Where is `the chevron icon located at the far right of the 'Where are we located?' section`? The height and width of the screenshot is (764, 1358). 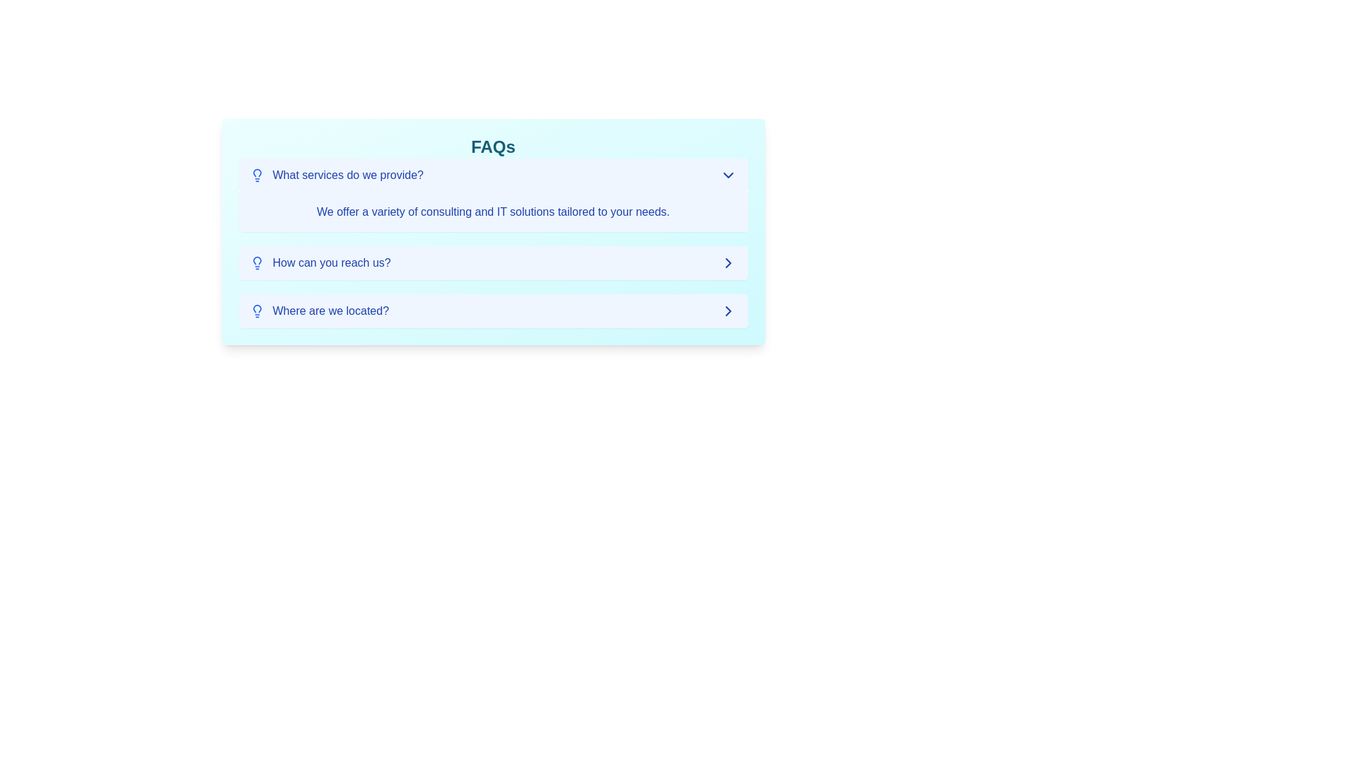
the chevron icon located at the far right of the 'Where are we located?' section is located at coordinates (728, 310).